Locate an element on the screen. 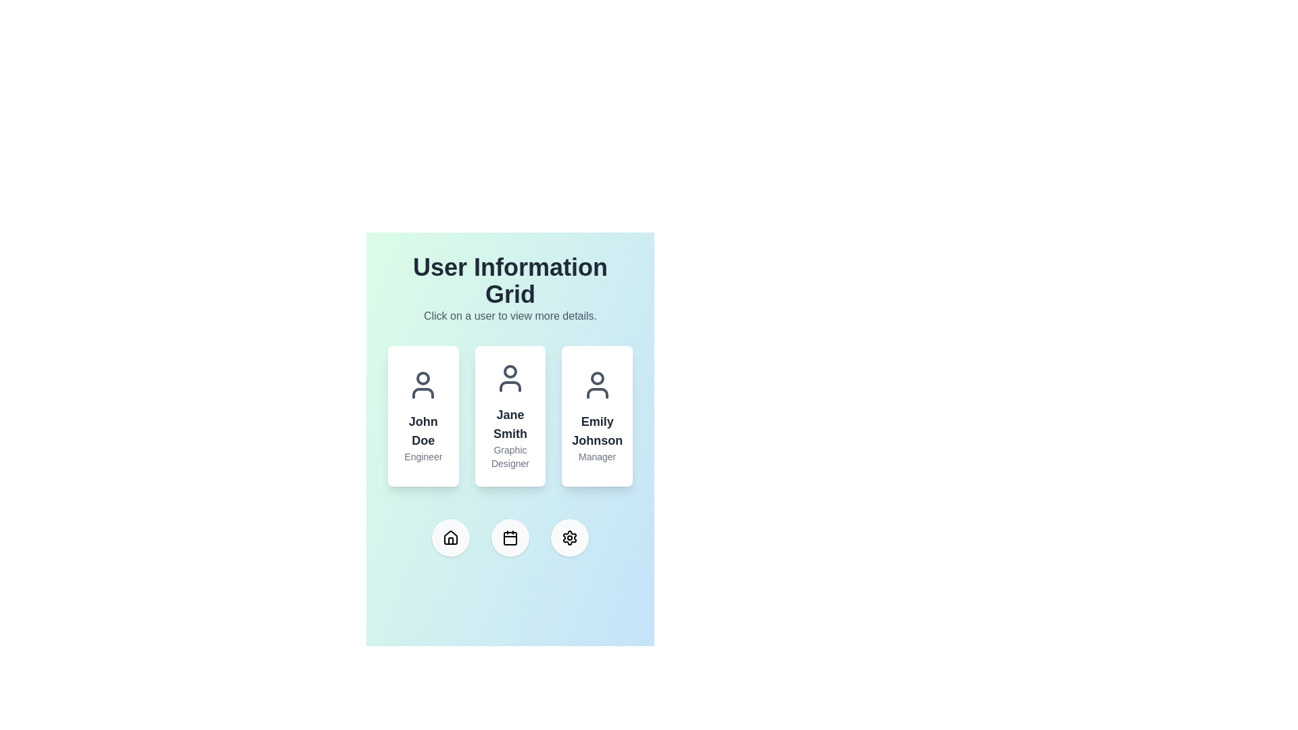  the lower part of the user icon graphic for the card titled 'Jane Smith - Graphic Designer', which is a vector graphic component within the SVG icon is located at coordinates (509, 386).